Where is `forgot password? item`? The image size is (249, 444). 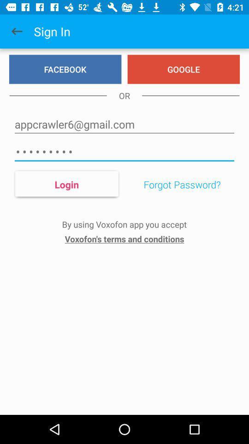 forgot password? item is located at coordinates (182, 184).